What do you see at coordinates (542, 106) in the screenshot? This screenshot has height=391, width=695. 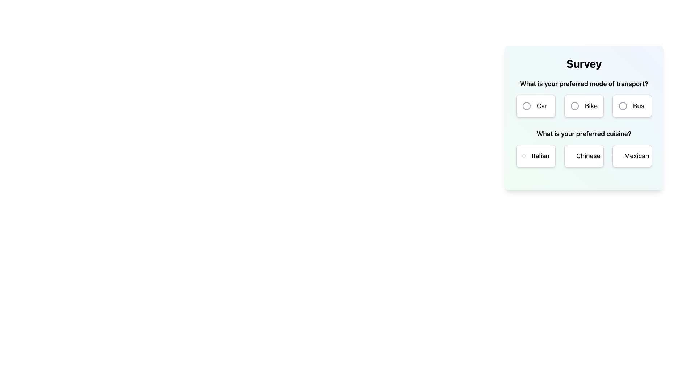 I see `the text label 'Car' which indicates a selection option for the corresponding radio button in the first row of the transport selection input group` at bounding box center [542, 106].